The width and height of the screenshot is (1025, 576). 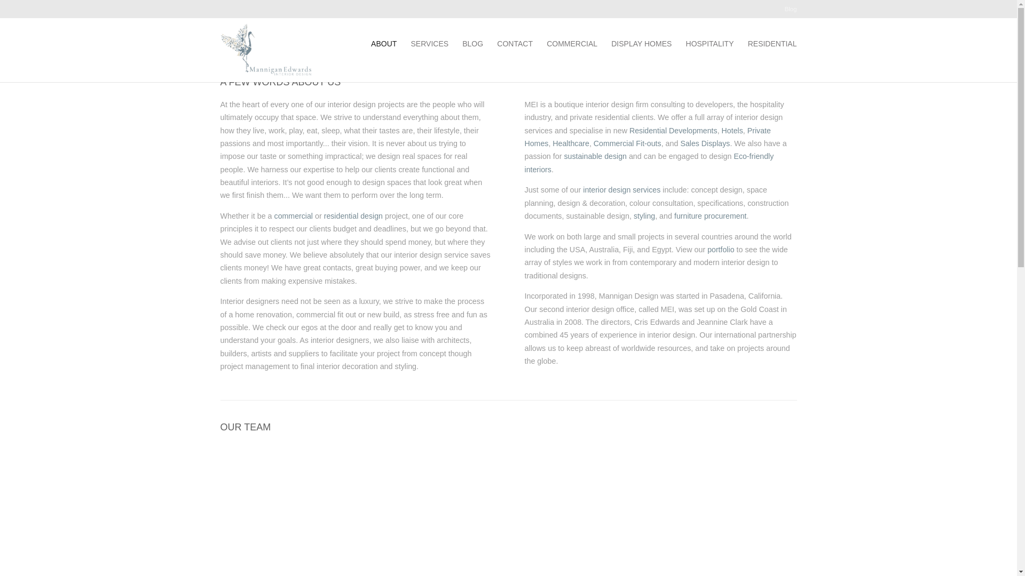 What do you see at coordinates (673, 130) in the screenshot?
I see `'Residential Developments'` at bounding box center [673, 130].